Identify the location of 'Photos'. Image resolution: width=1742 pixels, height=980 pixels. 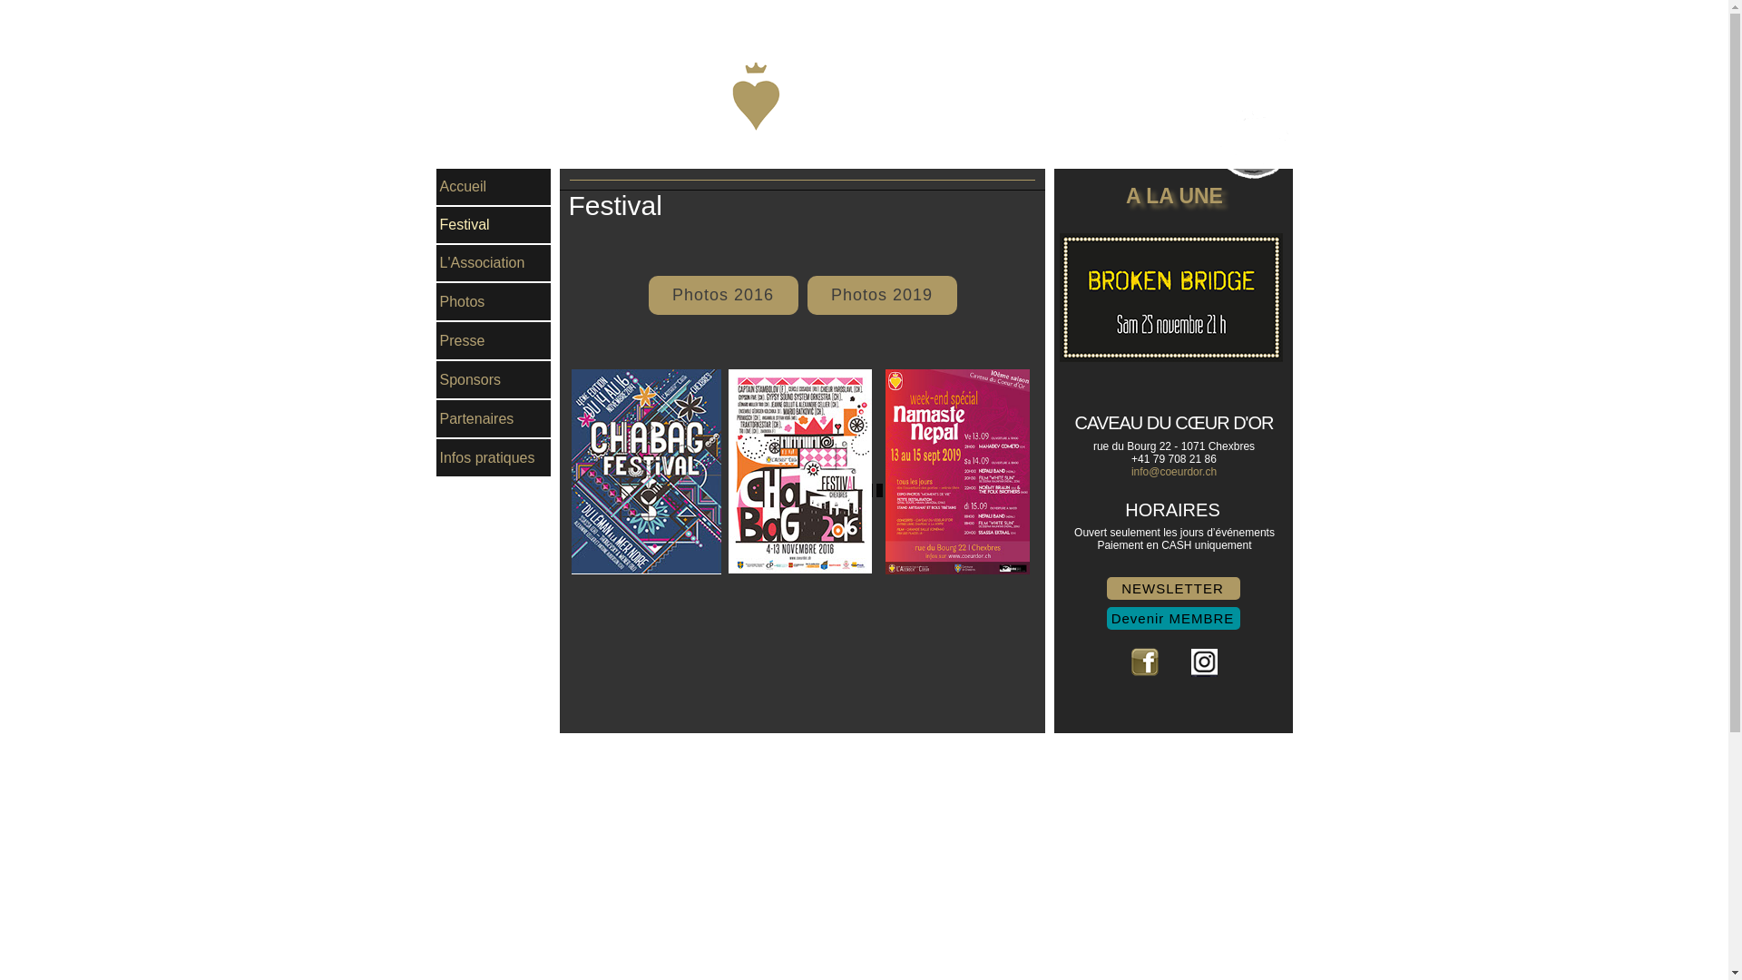
(492, 300).